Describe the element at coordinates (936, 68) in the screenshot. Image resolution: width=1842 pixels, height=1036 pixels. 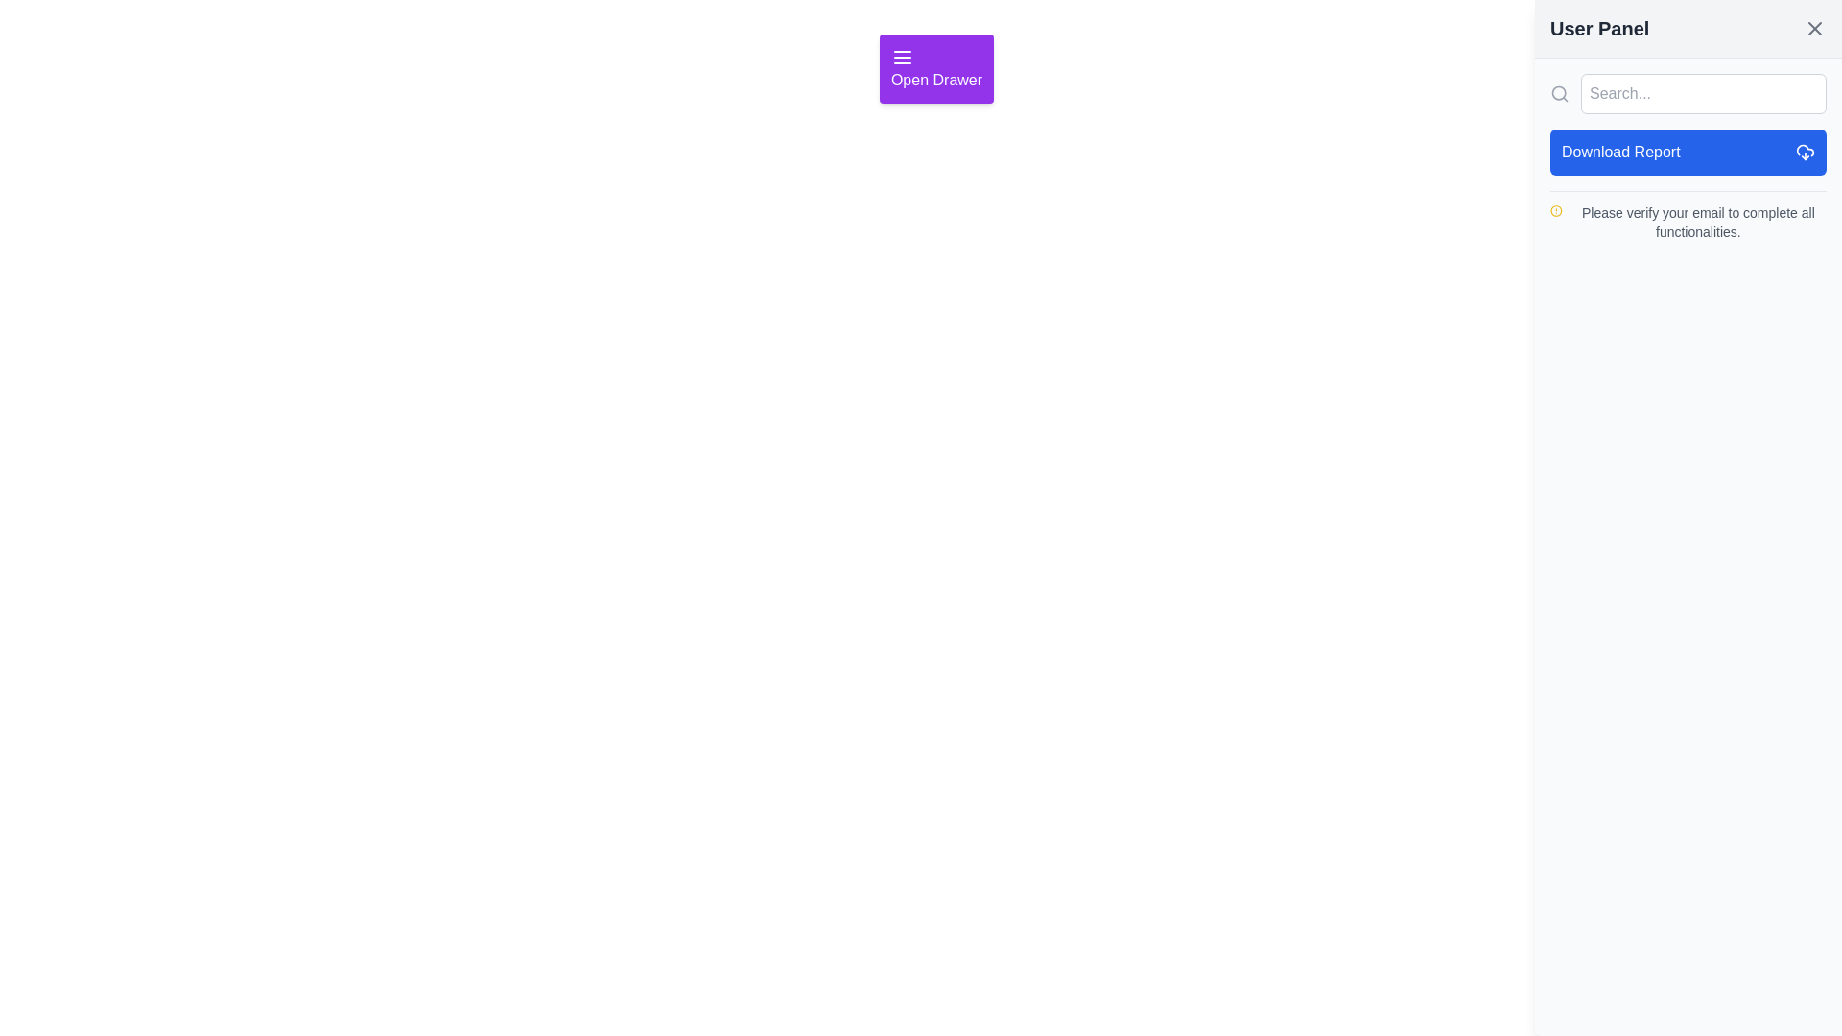
I see `the 'Open Drawer' button with a purple background and rounded corners` at that location.